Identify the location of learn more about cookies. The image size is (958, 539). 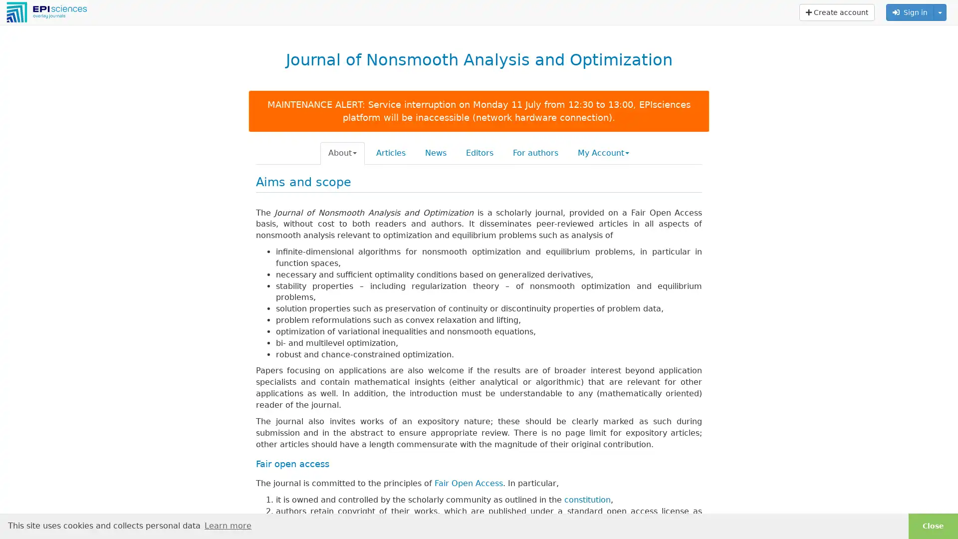
(227, 525).